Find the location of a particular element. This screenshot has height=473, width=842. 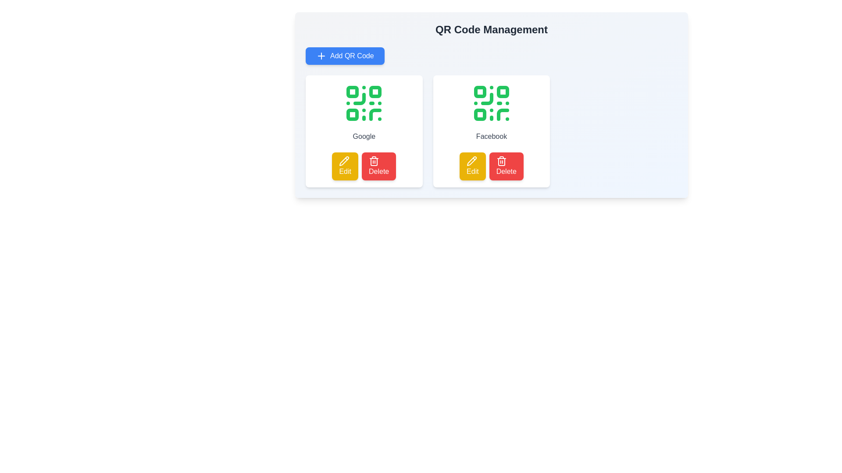

the QR code icon styled with green graphical patterns located above the text 'Google' on the left card in a two-card layout is located at coordinates (364, 102).